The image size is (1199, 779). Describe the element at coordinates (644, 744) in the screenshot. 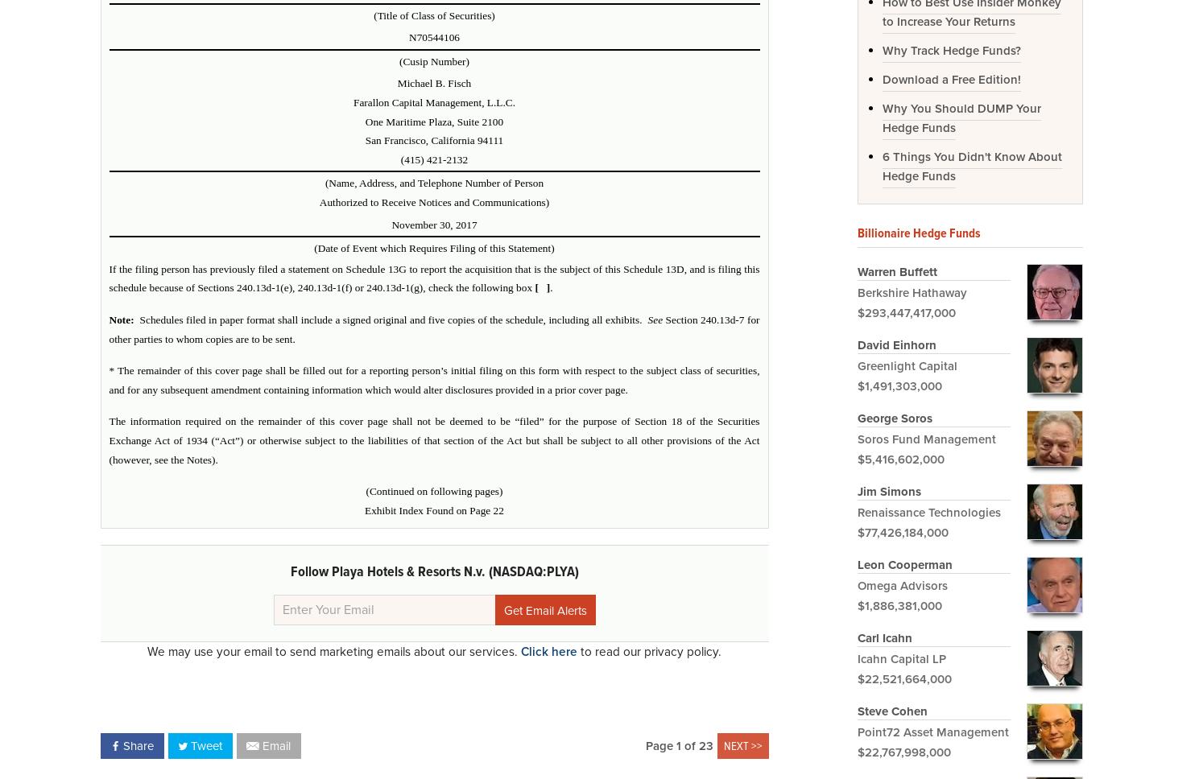

I see `'Page 1 of 23'` at that location.